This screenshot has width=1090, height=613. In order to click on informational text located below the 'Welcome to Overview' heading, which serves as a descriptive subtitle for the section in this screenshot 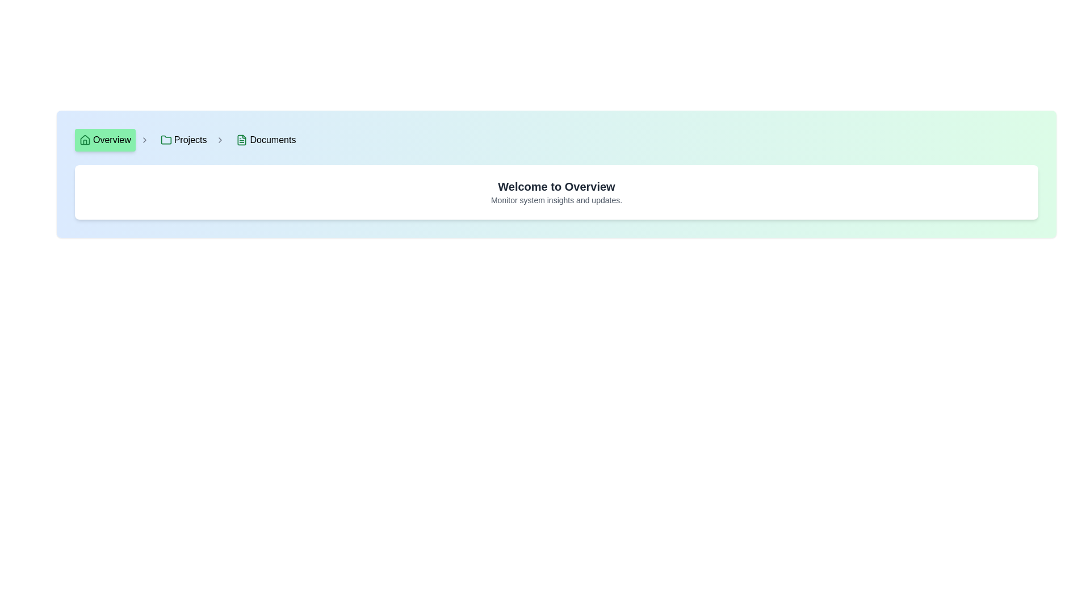, I will do `click(556, 200)`.